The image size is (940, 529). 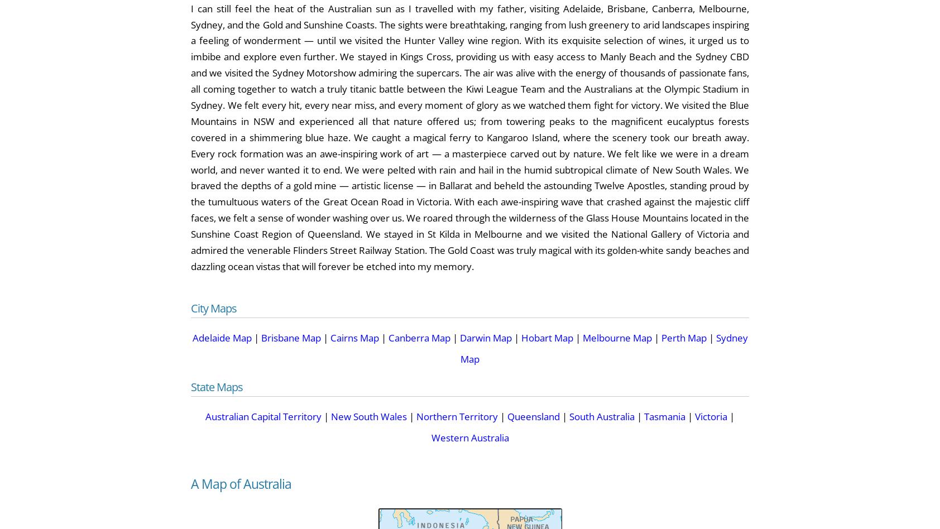 I want to click on 'Western Australia', so click(x=430, y=437).